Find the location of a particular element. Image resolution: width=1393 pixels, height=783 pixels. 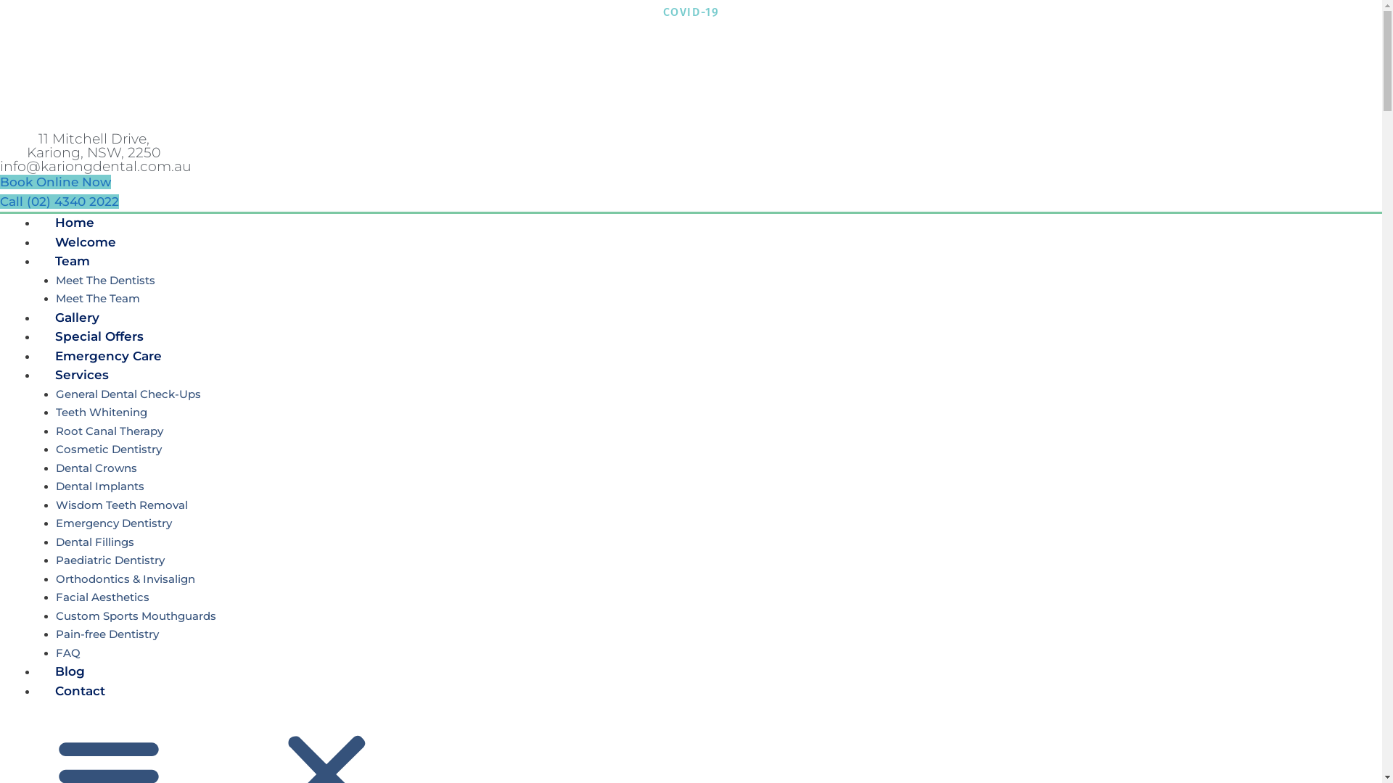

'General Dental Check-Ups' is located at coordinates (128, 394).